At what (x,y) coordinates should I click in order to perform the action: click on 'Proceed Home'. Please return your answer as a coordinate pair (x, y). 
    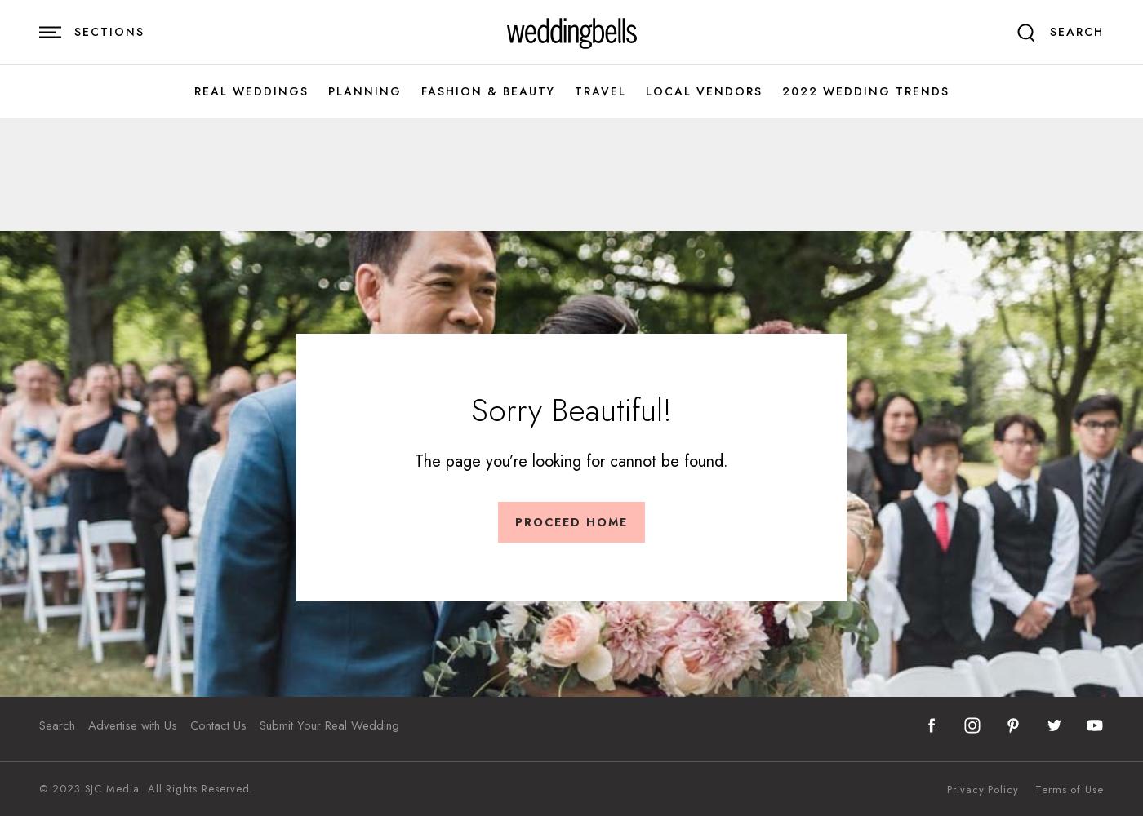
    Looking at the image, I should click on (571, 521).